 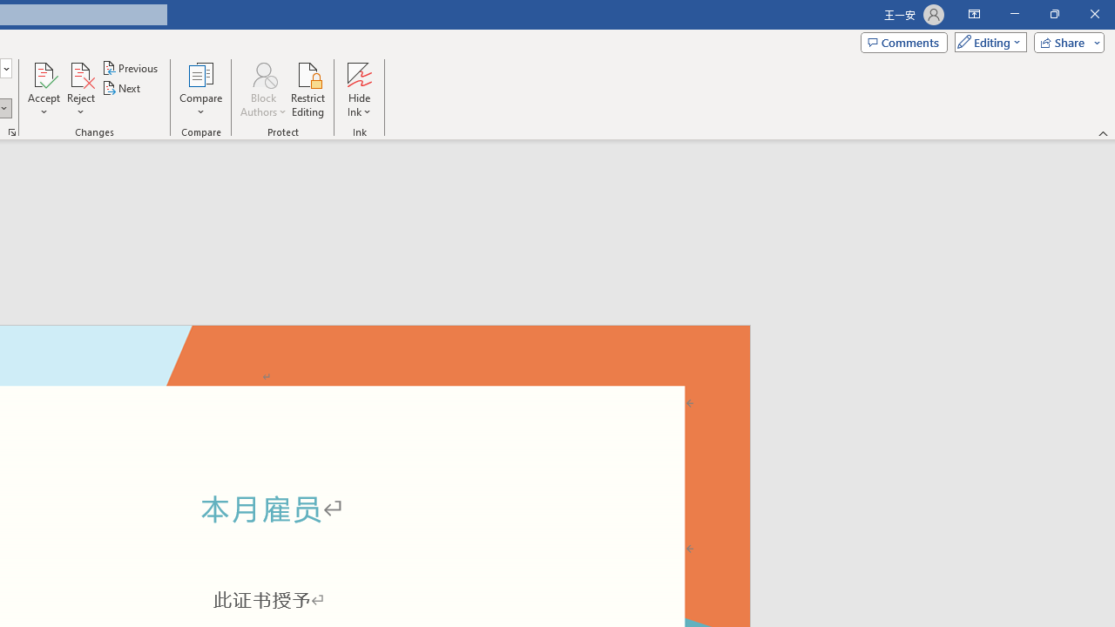 I want to click on 'Mode', so click(x=987, y=41).